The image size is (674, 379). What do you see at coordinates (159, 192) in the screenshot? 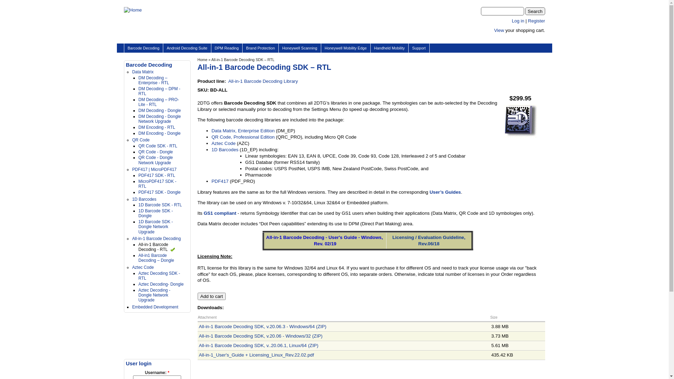
I see `'PDF417 SDK - Dongle'` at bounding box center [159, 192].